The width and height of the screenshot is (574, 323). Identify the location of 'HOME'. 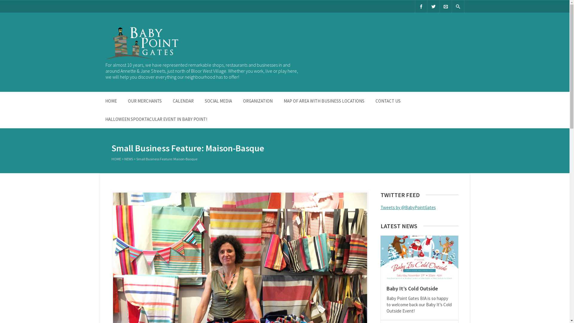
(116, 159).